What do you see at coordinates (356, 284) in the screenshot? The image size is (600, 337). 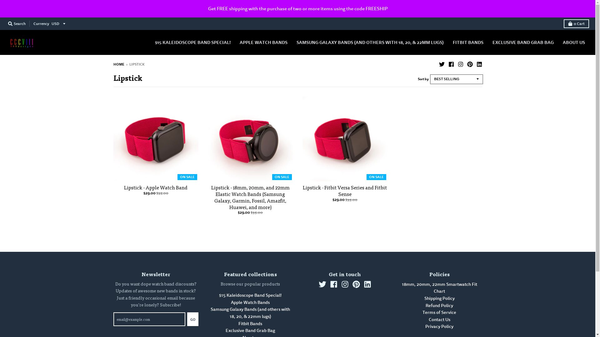 I see `'Pinterest - 308designs - CCCVIII'` at bounding box center [356, 284].